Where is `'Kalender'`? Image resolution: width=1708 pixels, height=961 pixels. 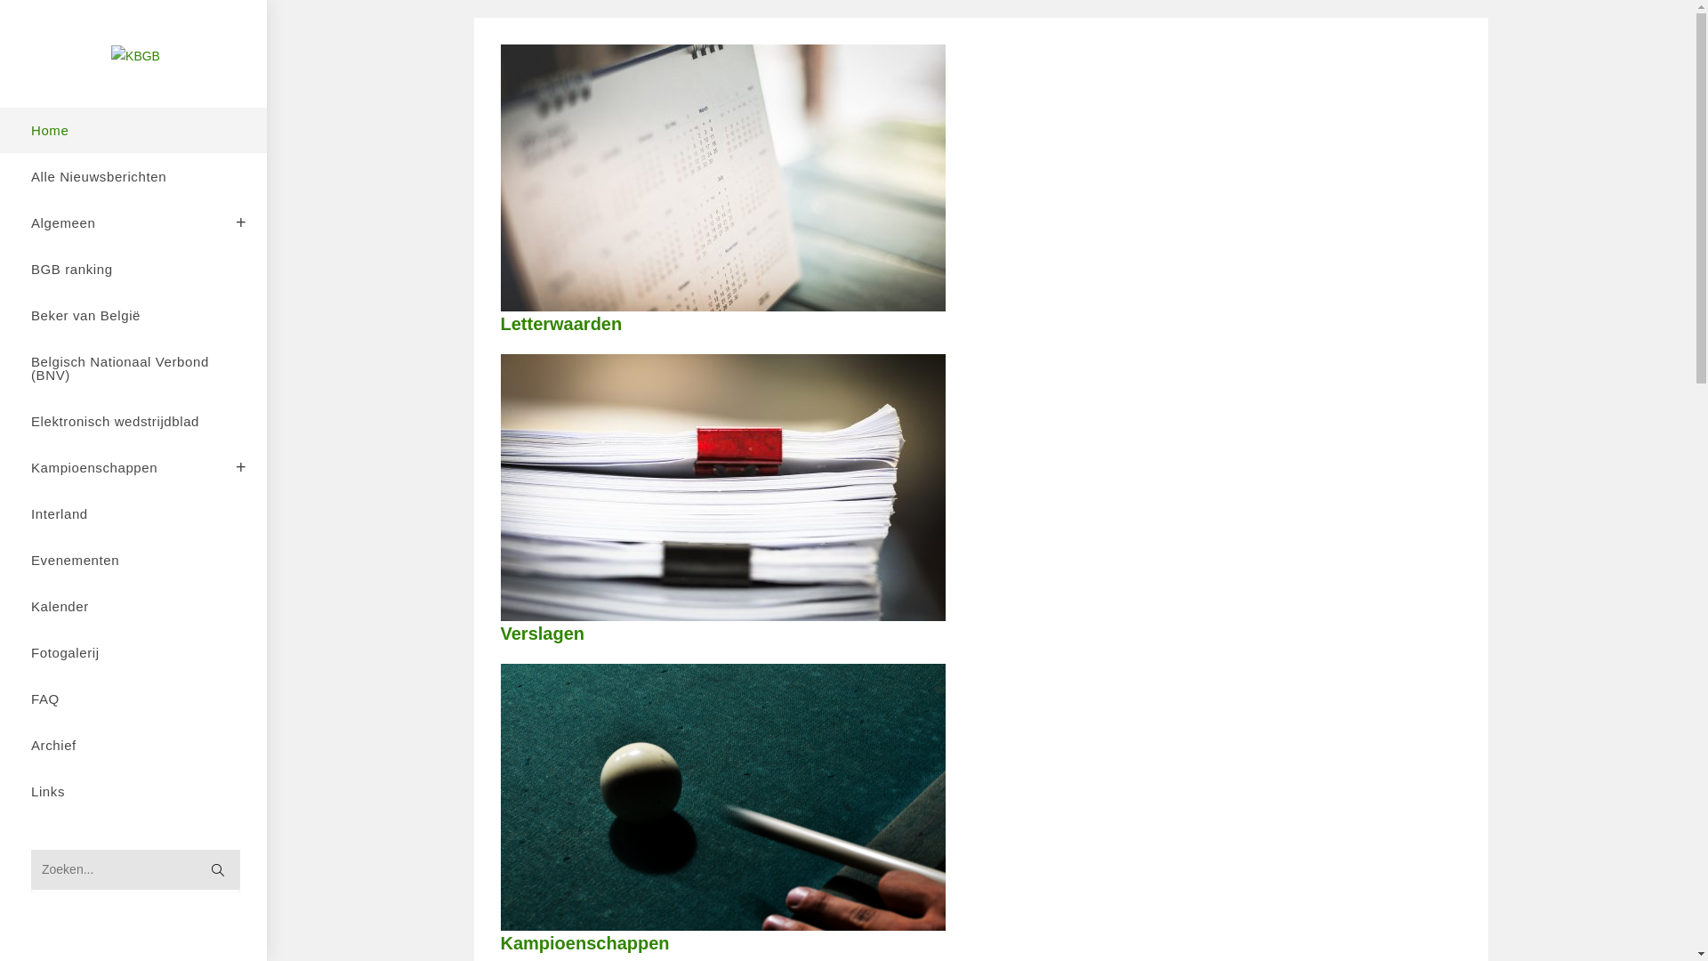
'Kalender' is located at coordinates (132, 605).